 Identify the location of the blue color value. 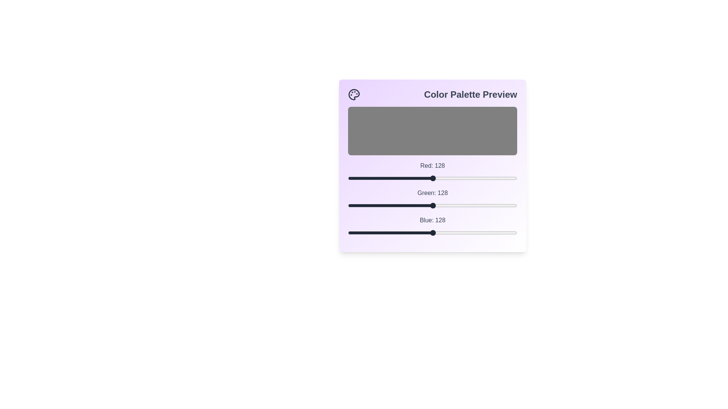
(476, 232).